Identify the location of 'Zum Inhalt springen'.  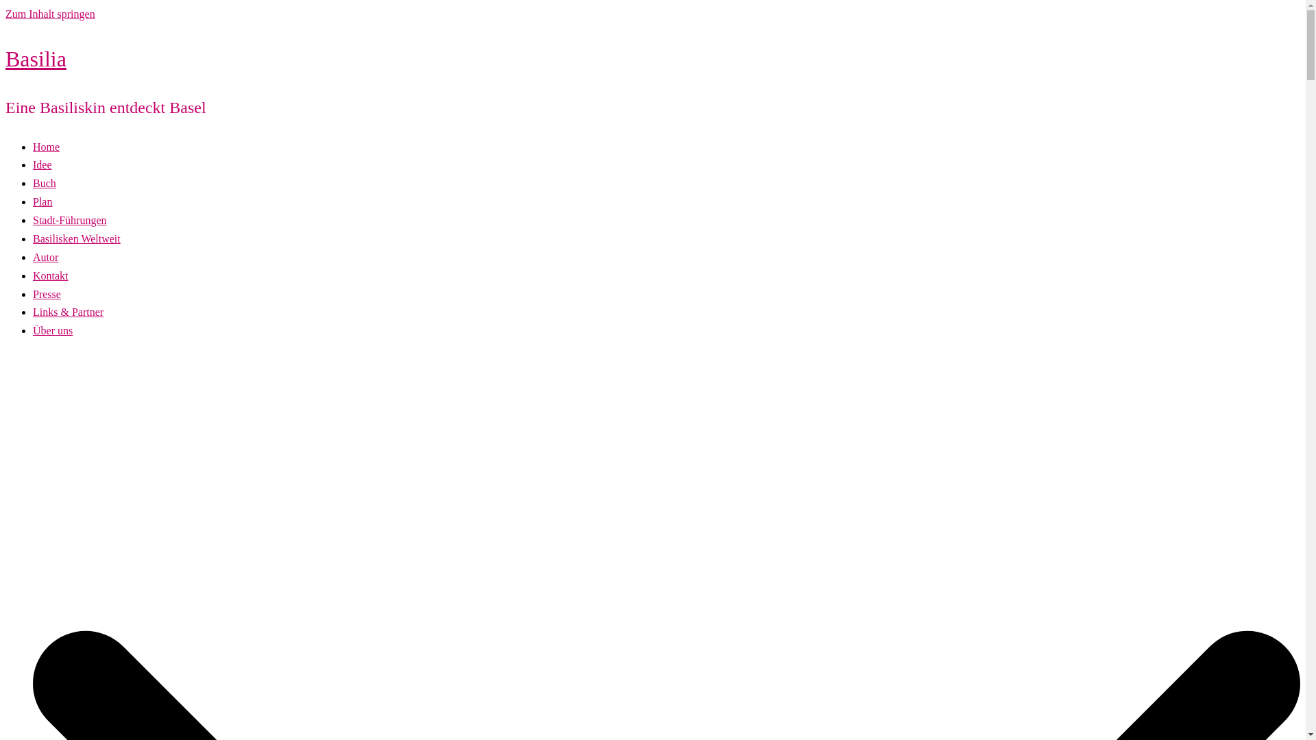
(50, 14).